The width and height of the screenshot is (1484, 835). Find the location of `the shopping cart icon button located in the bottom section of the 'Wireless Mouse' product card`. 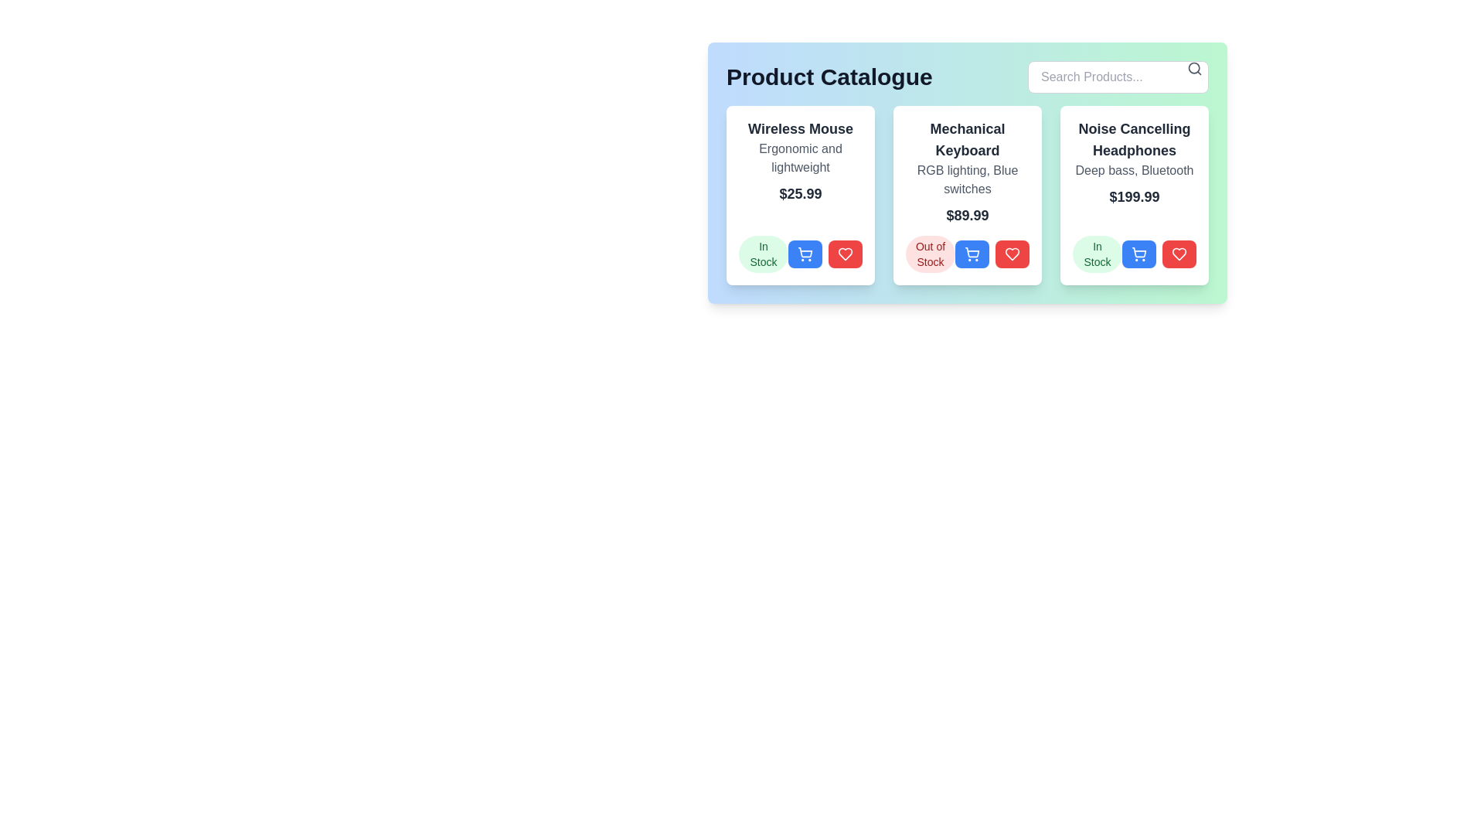

the shopping cart icon button located in the bottom section of the 'Wireless Mouse' product card is located at coordinates (804, 253).